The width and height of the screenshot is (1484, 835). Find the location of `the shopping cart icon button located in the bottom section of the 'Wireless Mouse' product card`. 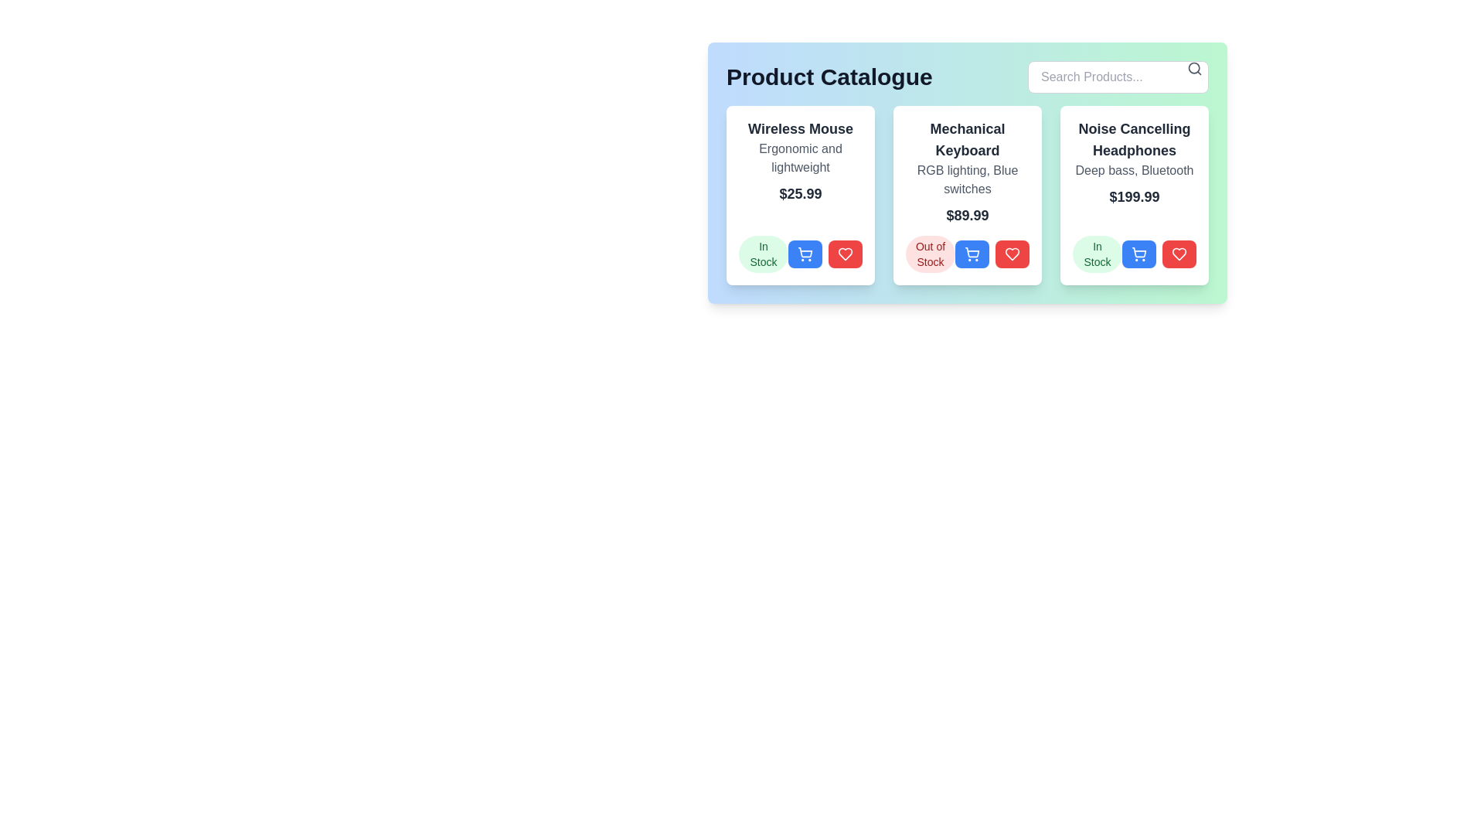

the shopping cart icon button located in the bottom section of the 'Wireless Mouse' product card is located at coordinates (804, 253).